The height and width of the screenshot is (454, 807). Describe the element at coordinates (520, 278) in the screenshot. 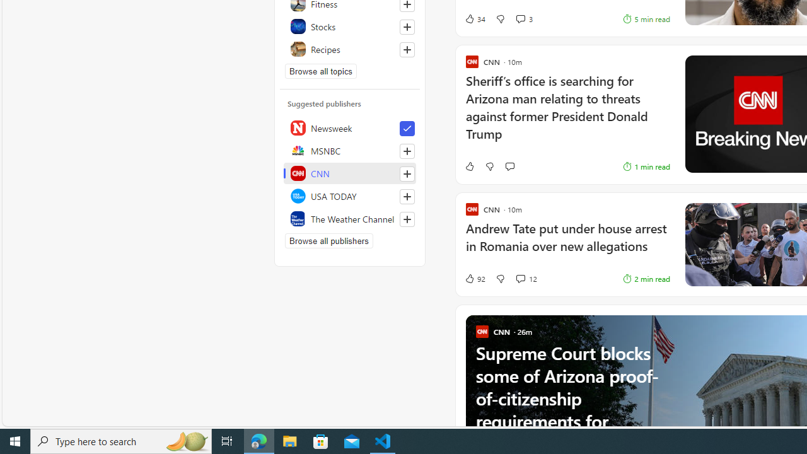

I see `'View comments 12 Comment'` at that location.